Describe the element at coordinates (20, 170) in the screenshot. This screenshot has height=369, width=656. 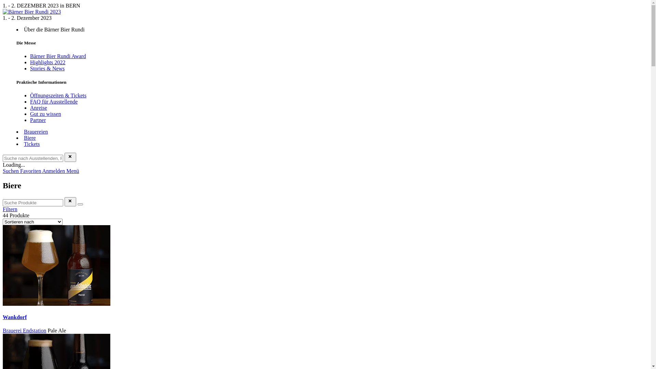
I see `'Favoriten'` at that location.